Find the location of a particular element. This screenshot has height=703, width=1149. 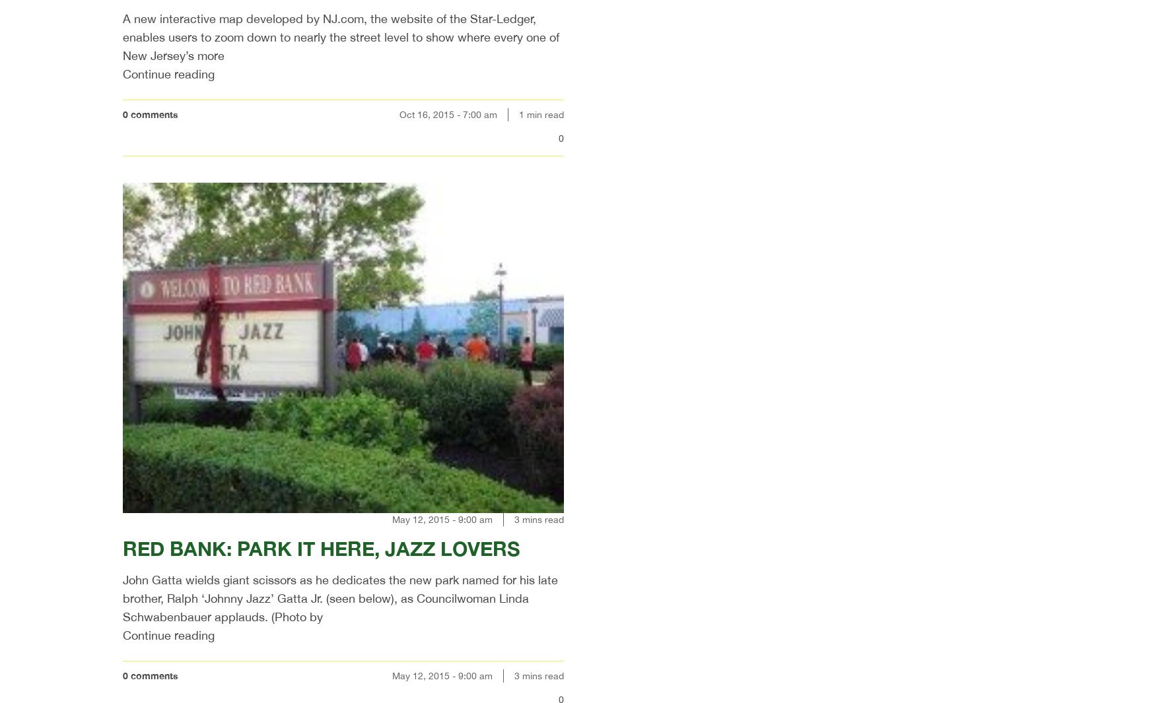

'A new interactive map developed by NJ.com, the website of the Star-Ledger, enables users to zoom down to nearly the street level to show where every one of New Jersey’s more' is located at coordinates (340, 36).